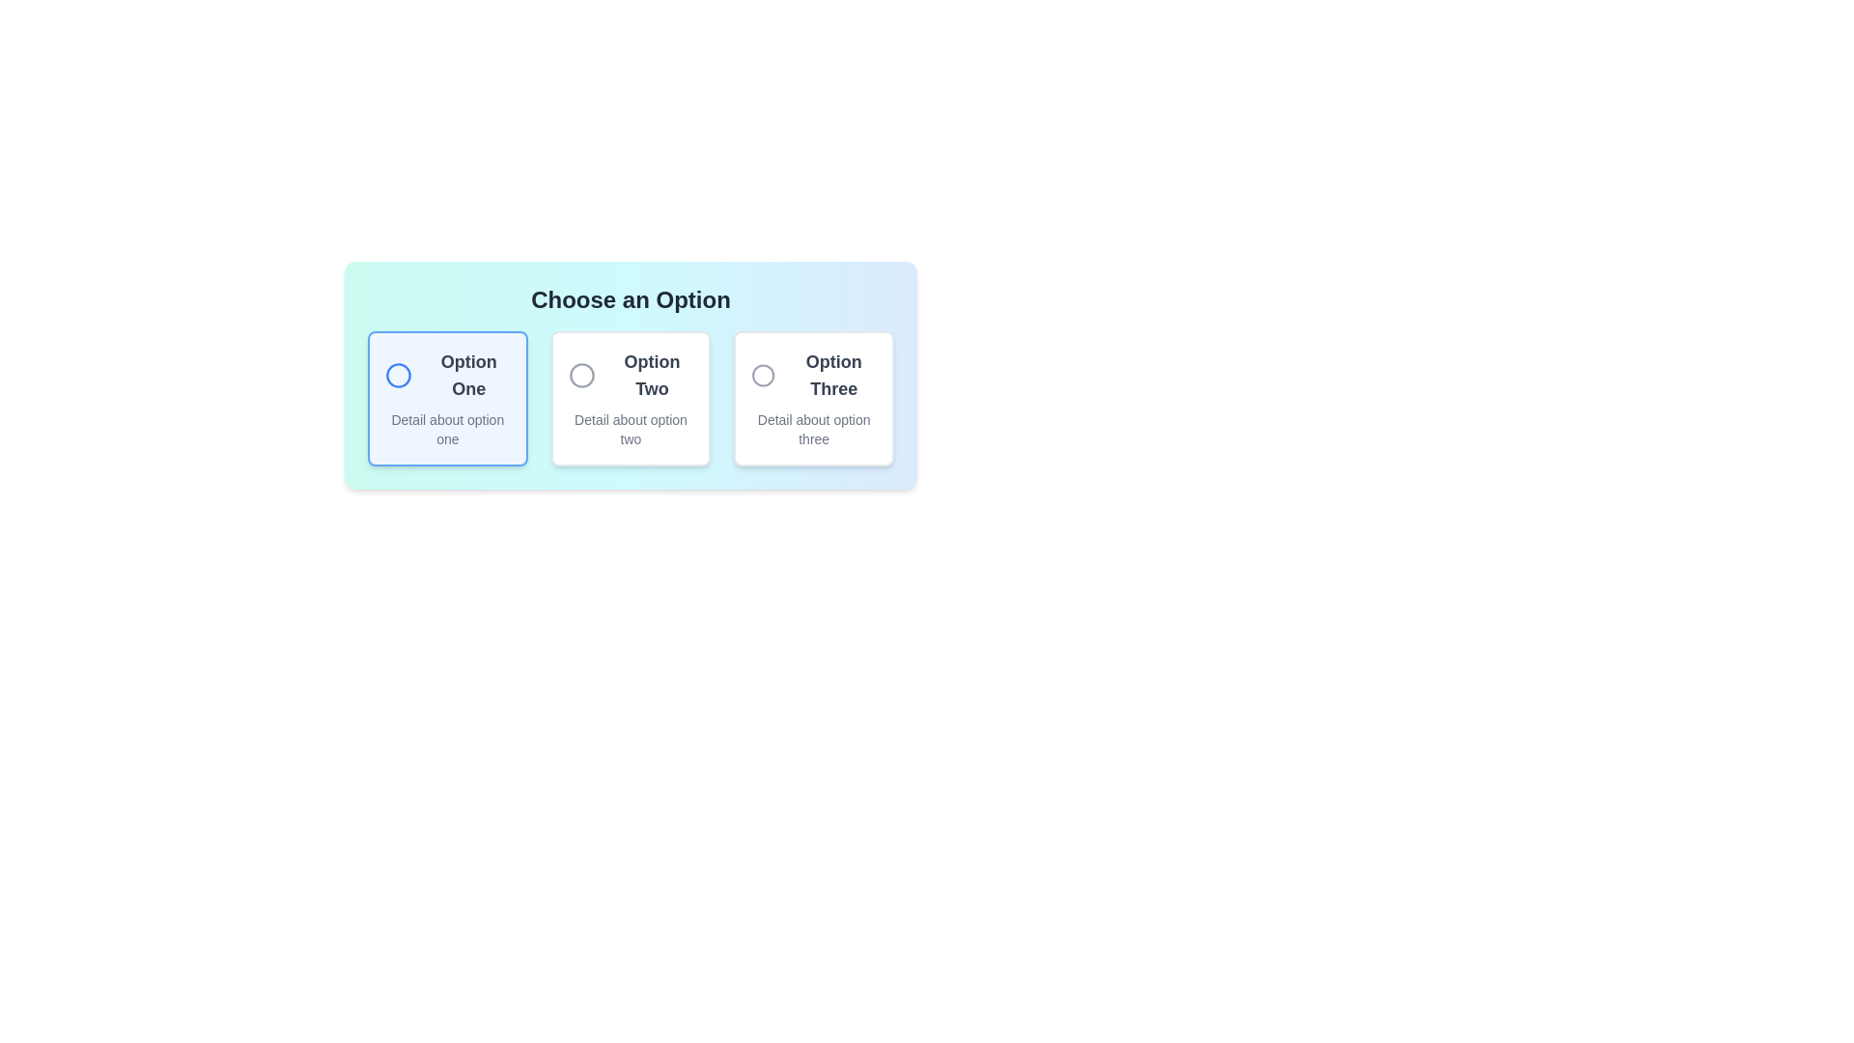 Image resolution: width=1854 pixels, height=1043 pixels. Describe the element at coordinates (631, 376) in the screenshot. I see `the text label 'Option Two' within the Option Selector Component, which is prominently styled in bold, dark gray font, located in the central card of three options` at that location.